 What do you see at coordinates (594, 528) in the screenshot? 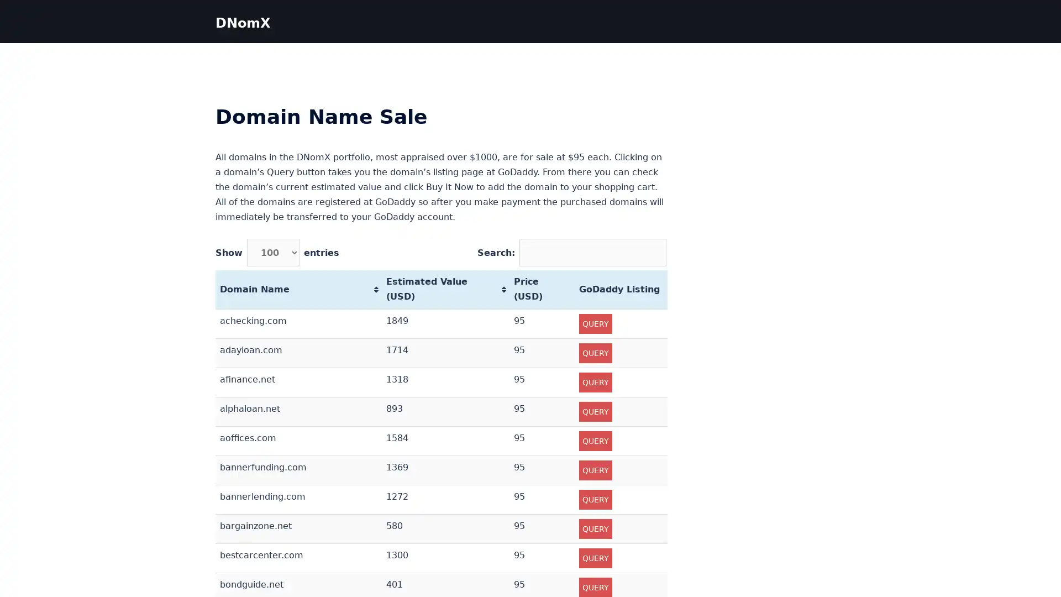
I see `QUERY` at bounding box center [594, 528].